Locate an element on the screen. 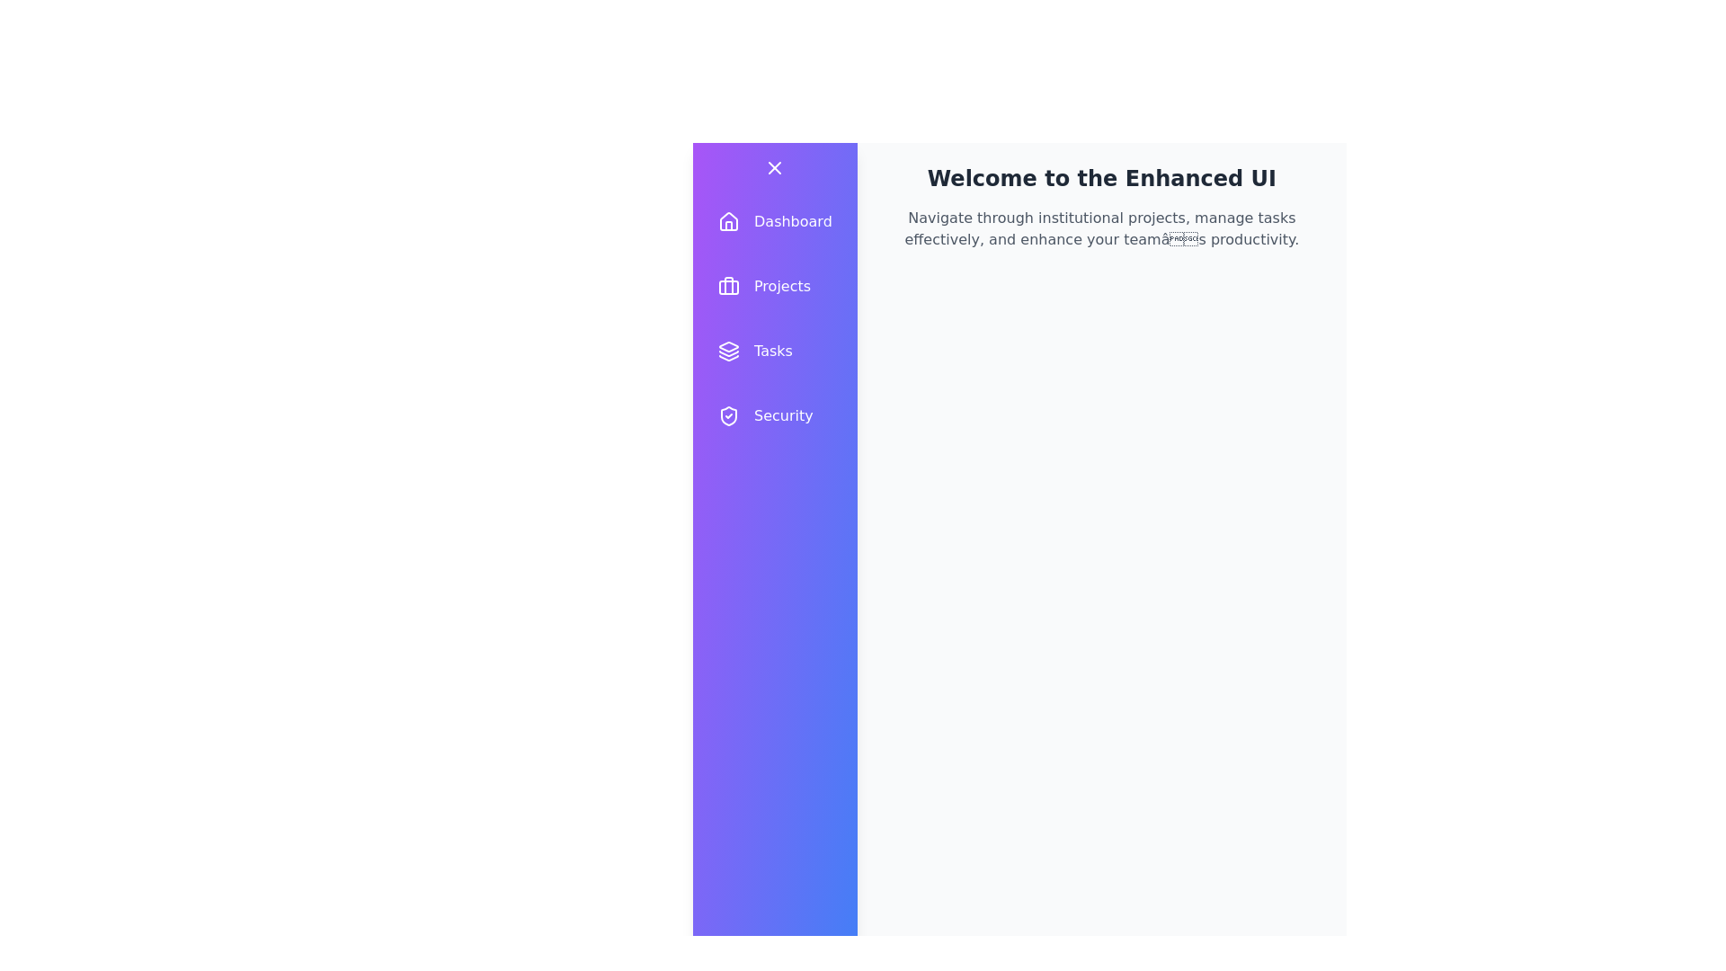 The width and height of the screenshot is (1726, 971). the middle segment of the three-layered icon representing tasks in the sidebar, located to the left of the 'Tasks' label is located at coordinates (729, 353).